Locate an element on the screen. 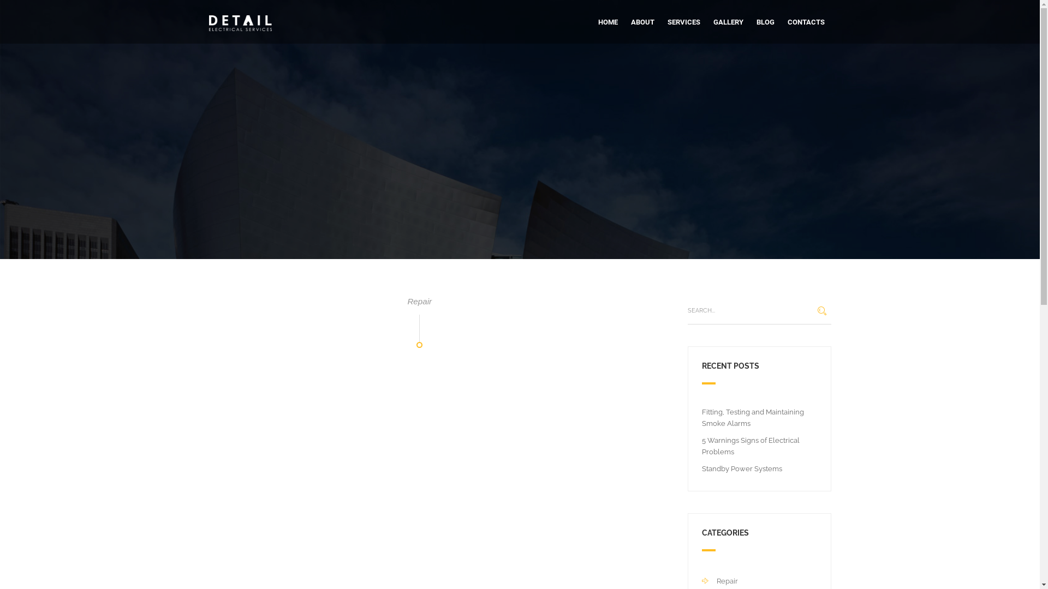  'CONTACTS' is located at coordinates (787, 22).